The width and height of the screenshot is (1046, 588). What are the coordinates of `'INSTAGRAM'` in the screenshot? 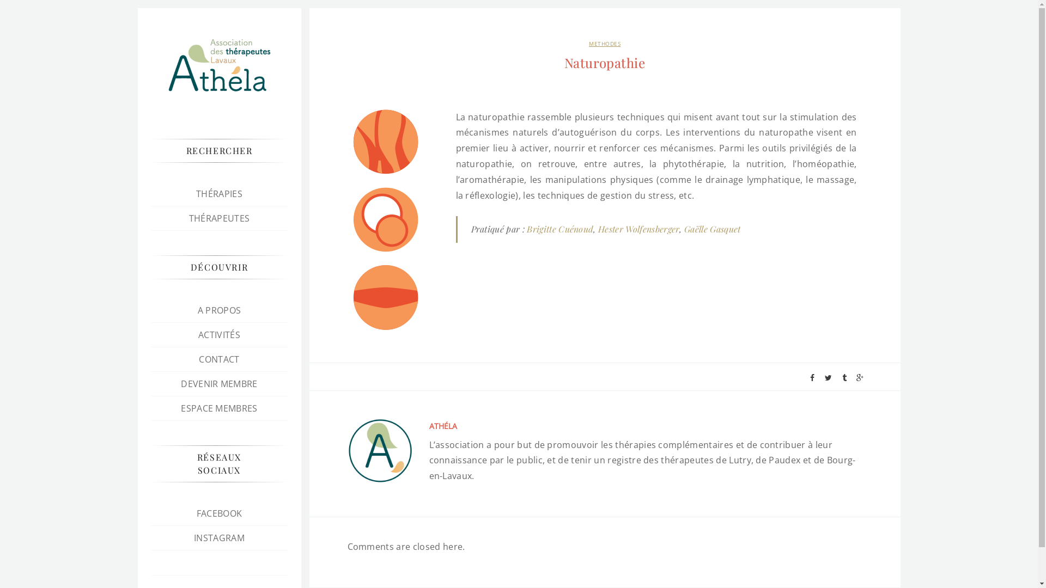 It's located at (218, 537).